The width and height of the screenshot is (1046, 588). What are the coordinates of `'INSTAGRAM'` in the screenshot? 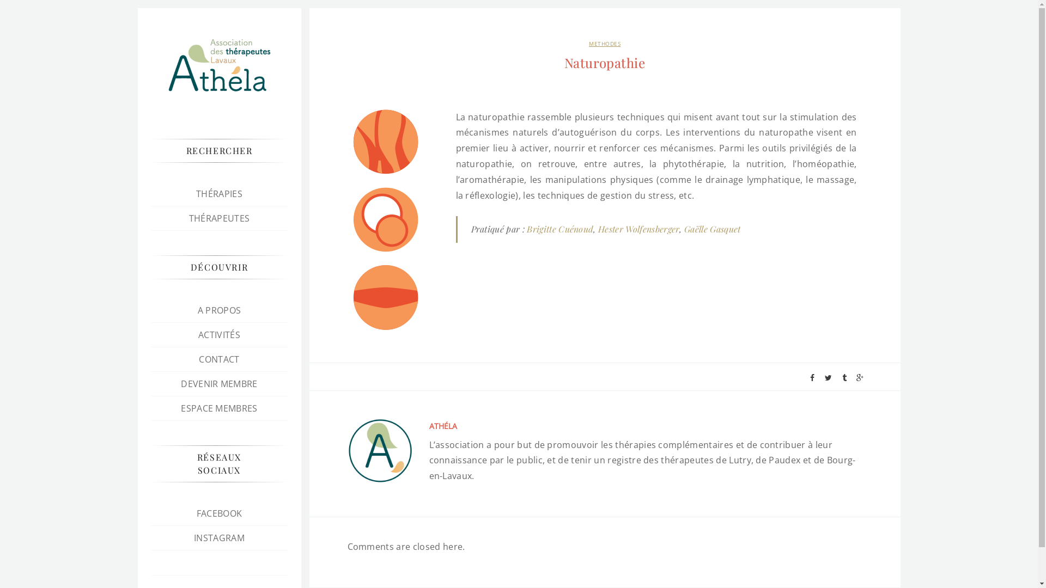 It's located at (218, 537).